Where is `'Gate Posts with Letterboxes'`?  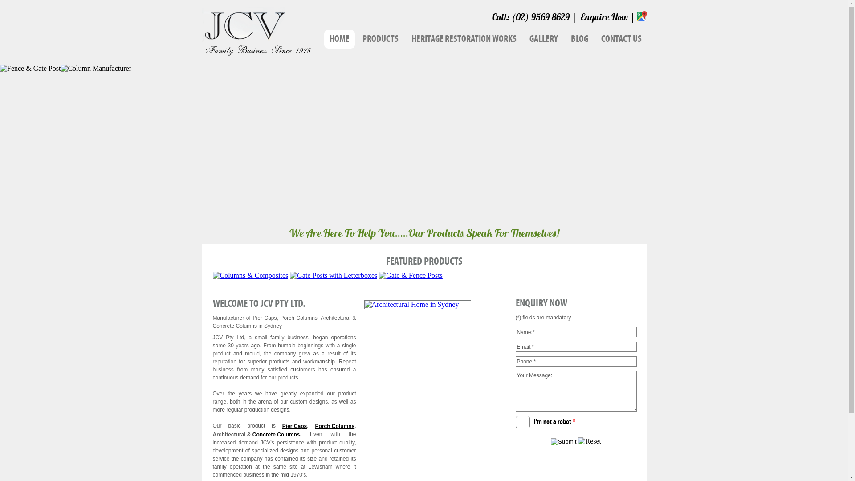
'Gate Posts with Letterboxes' is located at coordinates (333, 275).